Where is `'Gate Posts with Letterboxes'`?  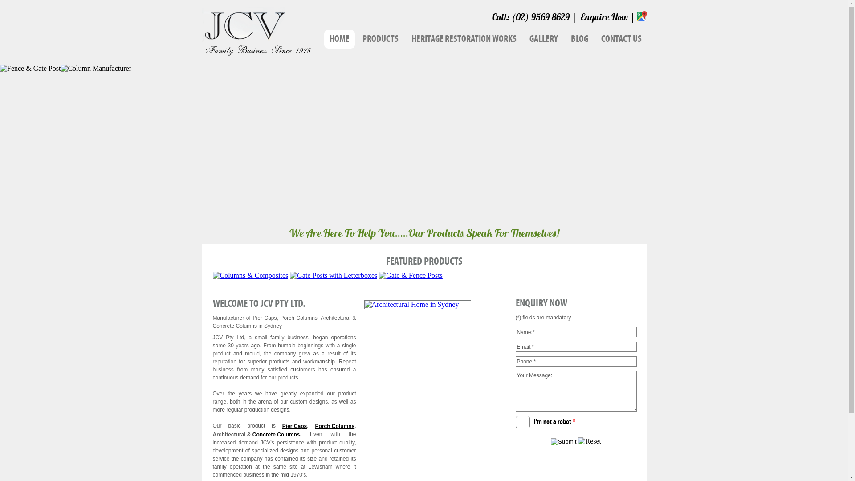
'Gate Posts with Letterboxes' is located at coordinates (333, 275).